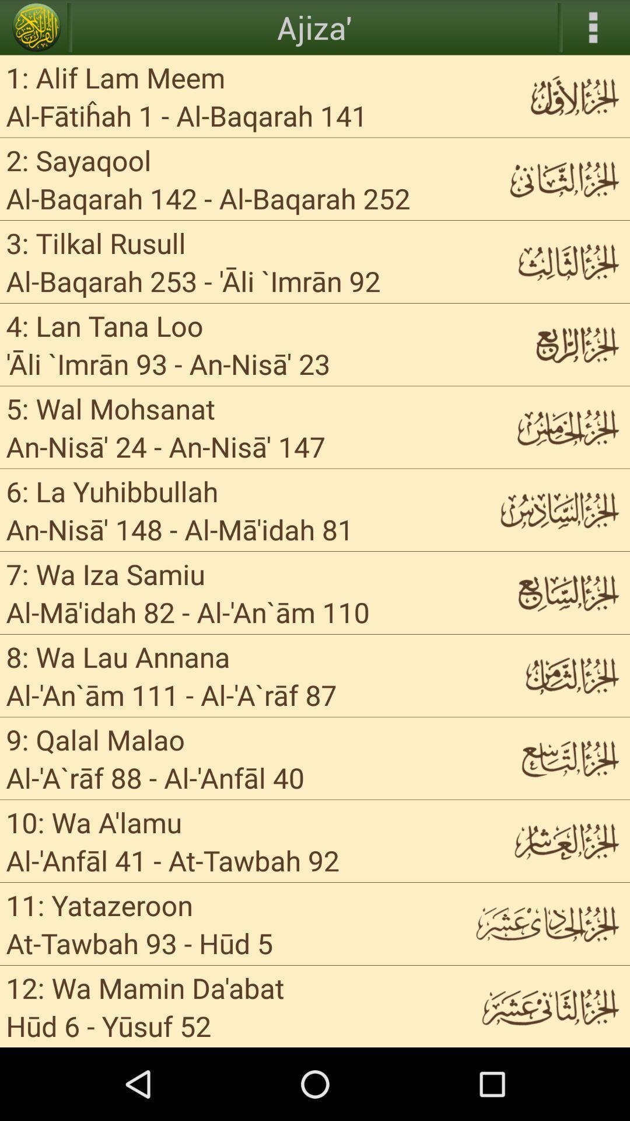  I want to click on the app above al baqarah 253, so click(95, 242).